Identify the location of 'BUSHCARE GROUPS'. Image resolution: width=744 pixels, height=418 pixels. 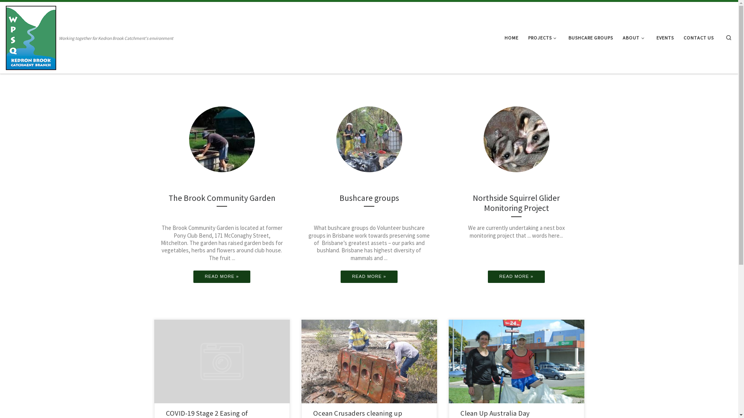
(566, 38).